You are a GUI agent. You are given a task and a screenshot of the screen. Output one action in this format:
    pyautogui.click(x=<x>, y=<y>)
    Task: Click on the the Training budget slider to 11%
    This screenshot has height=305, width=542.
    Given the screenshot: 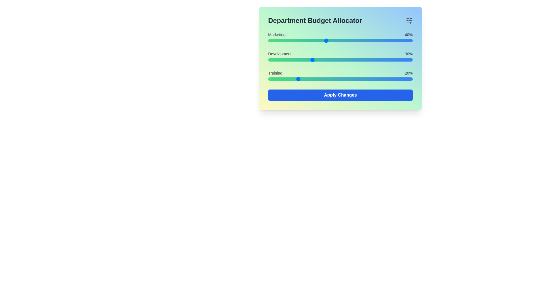 What is the action you would take?
    pyautogui.click(x=284, y=79)
    